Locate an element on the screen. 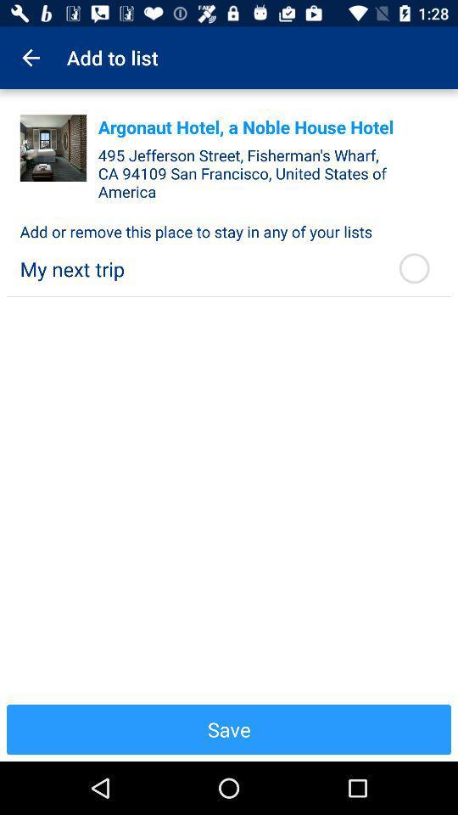 The image size is (458, 815). icon above add or remove app is located at coordinates (53, 147).